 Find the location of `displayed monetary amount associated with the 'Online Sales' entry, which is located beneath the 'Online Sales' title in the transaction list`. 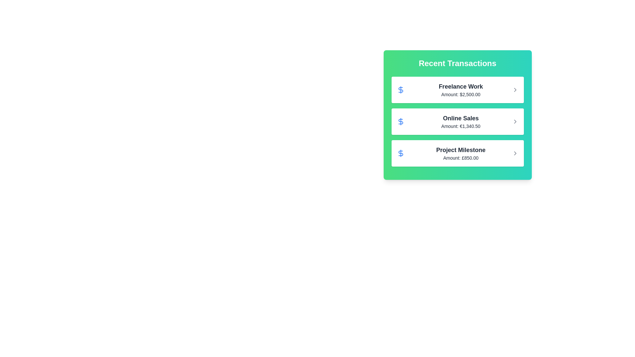

displayed monetary amount associated with the 'Online Sales' entry, which is located beneath the 'Online Sales' title in the transaction list is located at coordinates (460, 126).